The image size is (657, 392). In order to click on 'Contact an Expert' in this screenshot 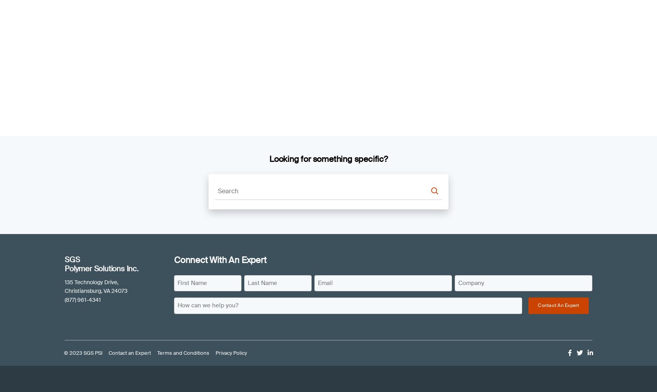, I will do `click(129, 353)`.